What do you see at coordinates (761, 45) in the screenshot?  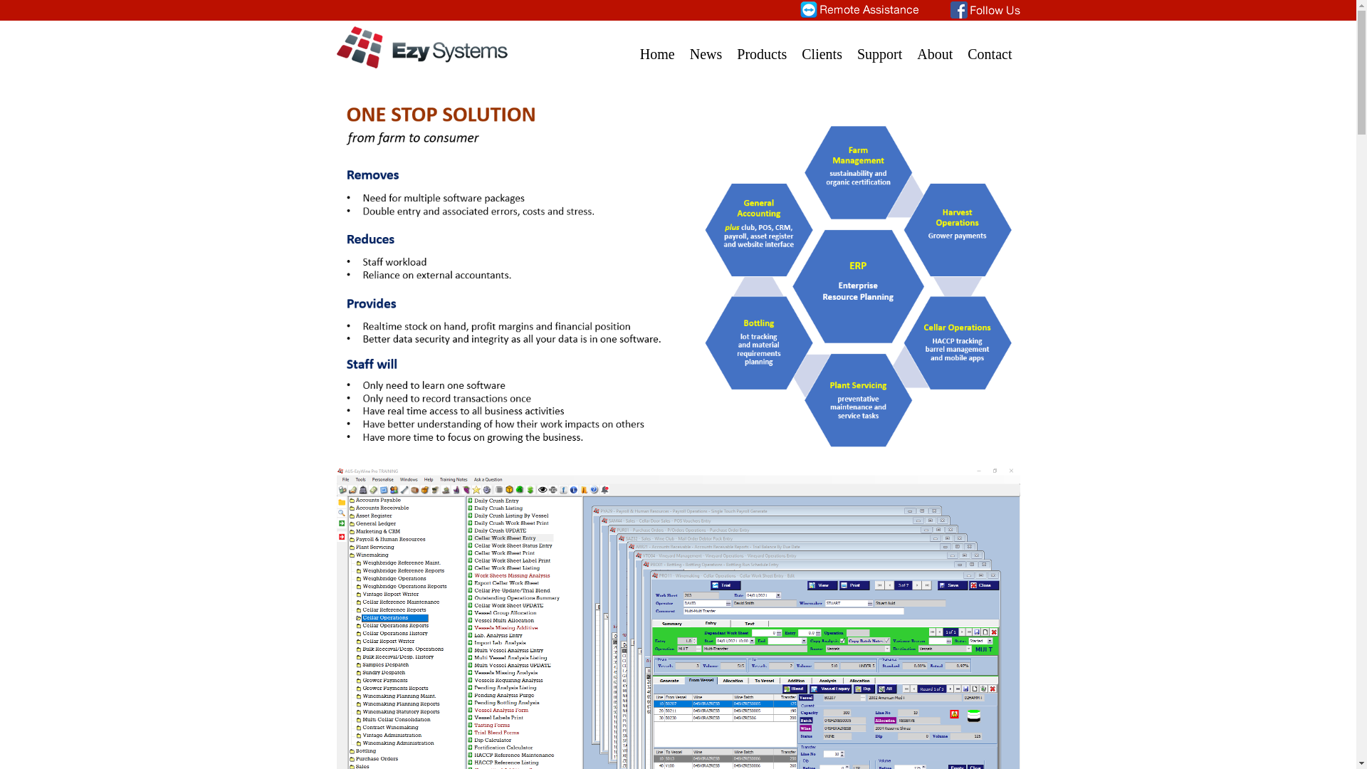 I see `'Products'` at bounding box center [761, 45].